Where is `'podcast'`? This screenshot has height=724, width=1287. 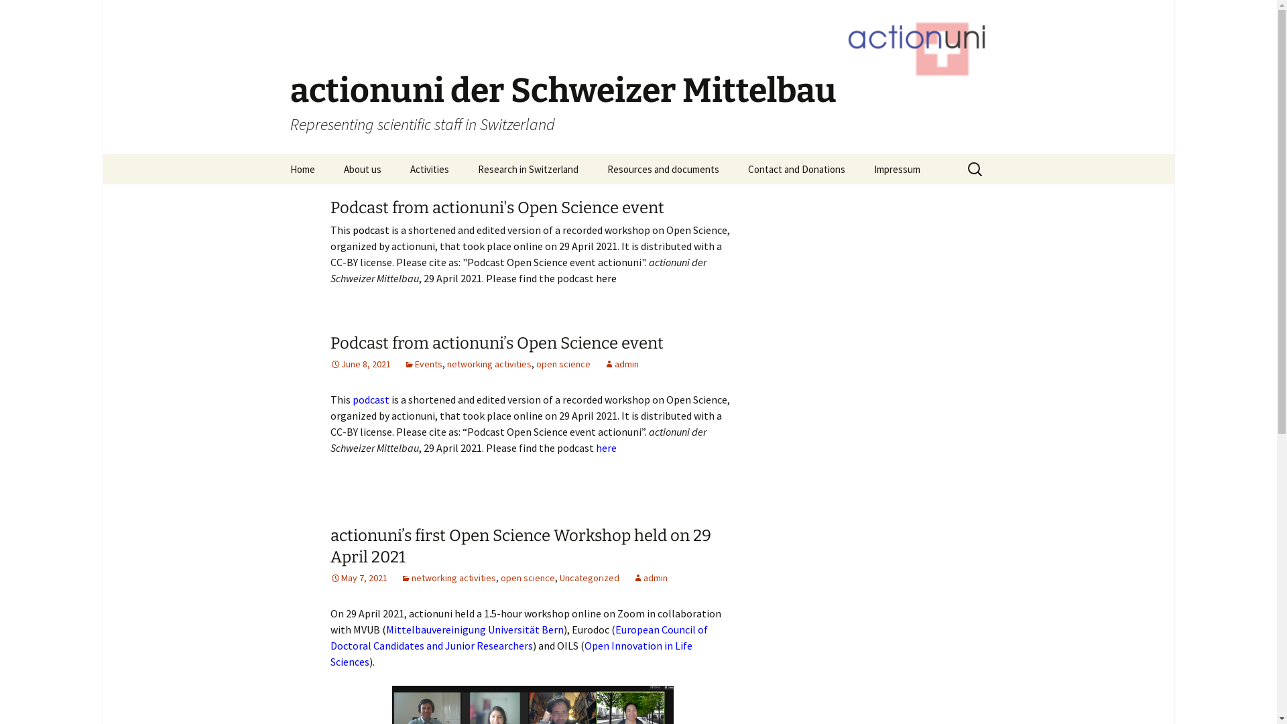
'podcast' is located at coordinates (371, 399).